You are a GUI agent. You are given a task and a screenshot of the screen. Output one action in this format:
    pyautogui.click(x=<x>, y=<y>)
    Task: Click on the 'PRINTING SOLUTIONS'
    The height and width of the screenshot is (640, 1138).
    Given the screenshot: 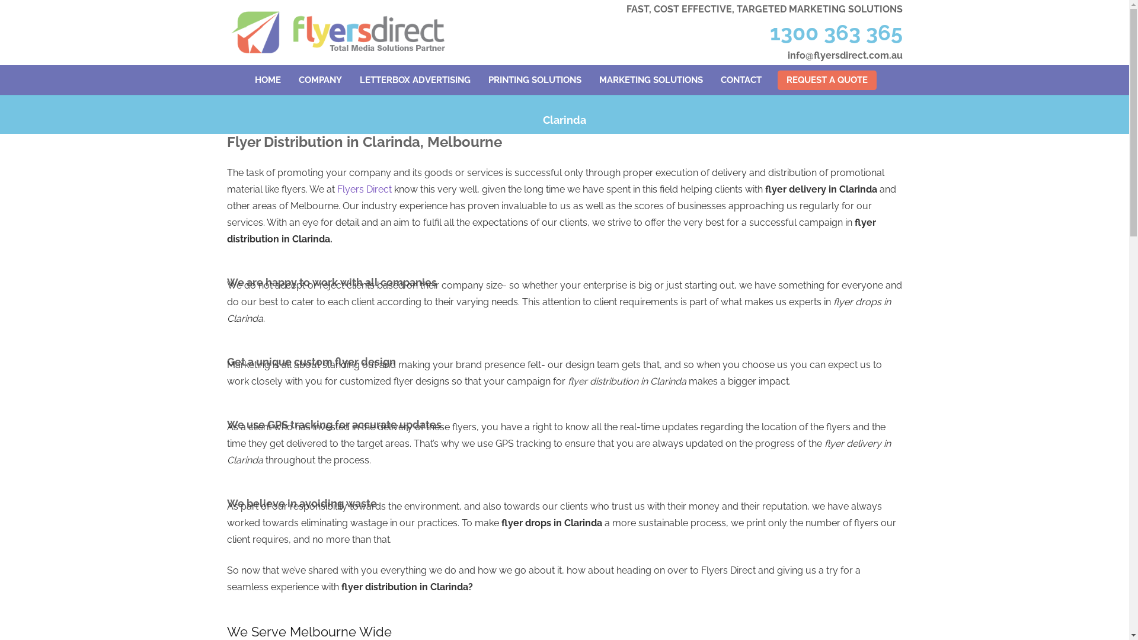 What is the action you would take?
    pyautogui.click(x=534, y=80)
    